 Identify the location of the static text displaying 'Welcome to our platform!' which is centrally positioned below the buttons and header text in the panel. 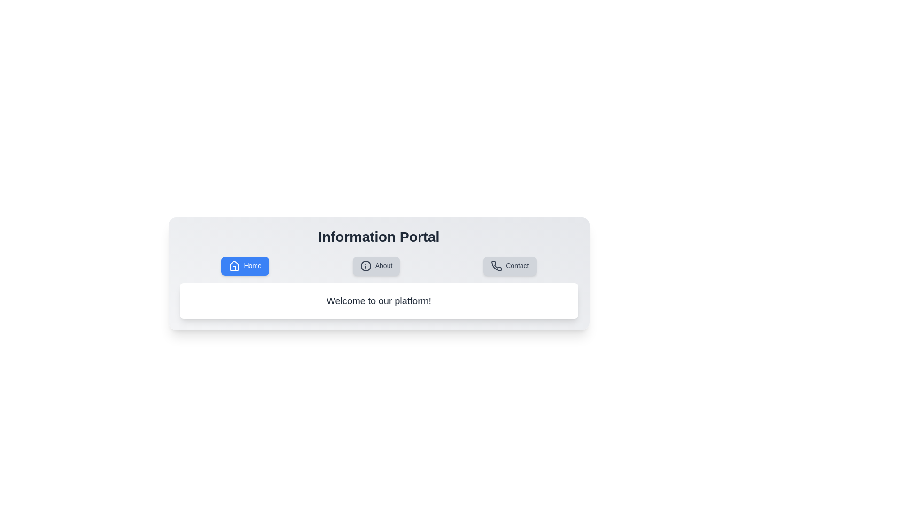
(379, 300).